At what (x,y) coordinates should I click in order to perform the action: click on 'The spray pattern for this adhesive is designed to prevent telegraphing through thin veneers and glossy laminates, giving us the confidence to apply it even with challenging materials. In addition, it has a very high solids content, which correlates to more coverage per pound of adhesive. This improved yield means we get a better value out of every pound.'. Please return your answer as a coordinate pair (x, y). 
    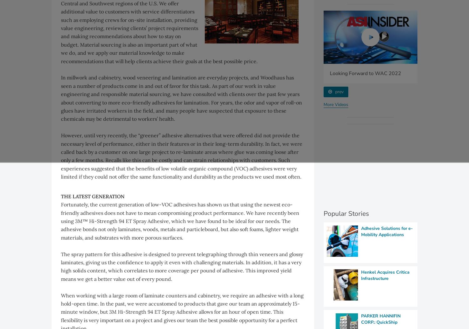
    Looking at the image, I should click on (182, 266).